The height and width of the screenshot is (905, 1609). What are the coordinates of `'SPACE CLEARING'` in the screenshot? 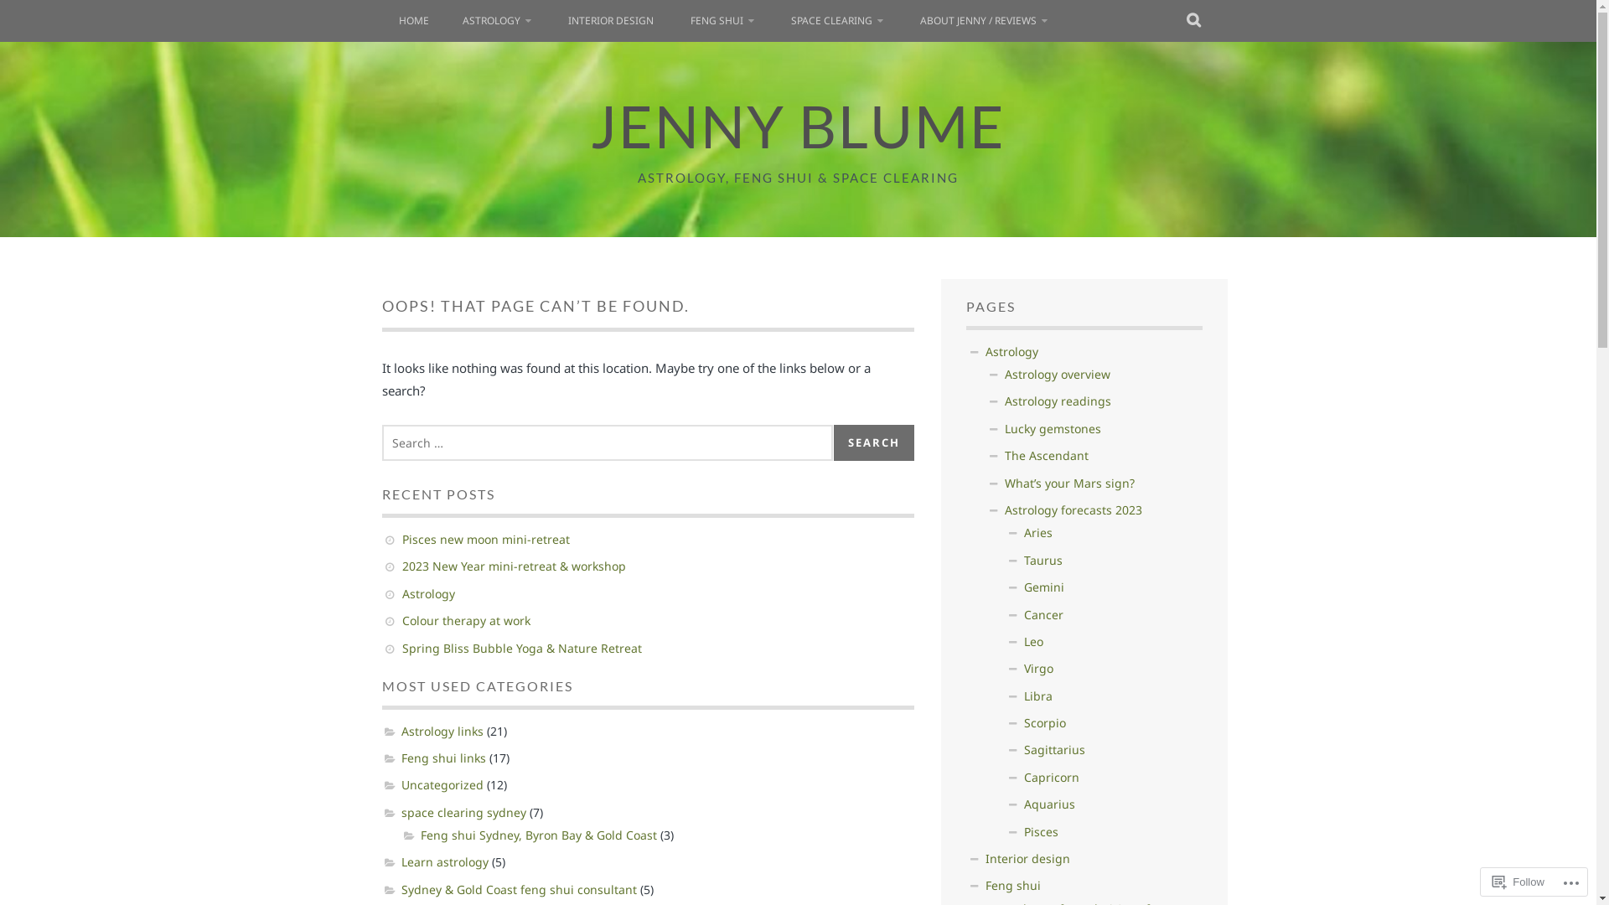 It's located at (836, 20).